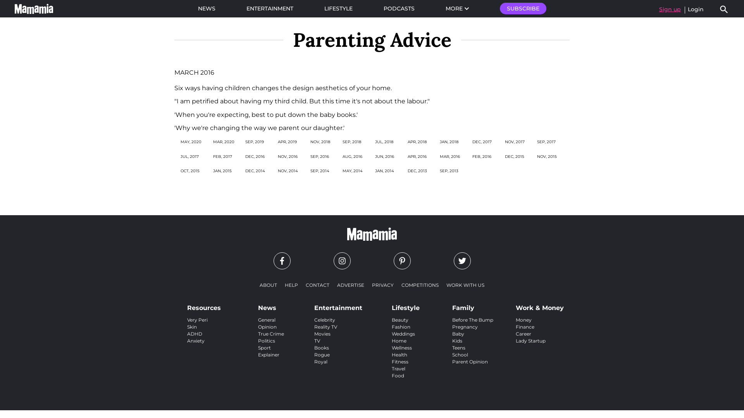 The image size is (744, 418). Describe the element at coordinates (417, 170) in the screenshot. I see `'DEC, 2013'` at that location.